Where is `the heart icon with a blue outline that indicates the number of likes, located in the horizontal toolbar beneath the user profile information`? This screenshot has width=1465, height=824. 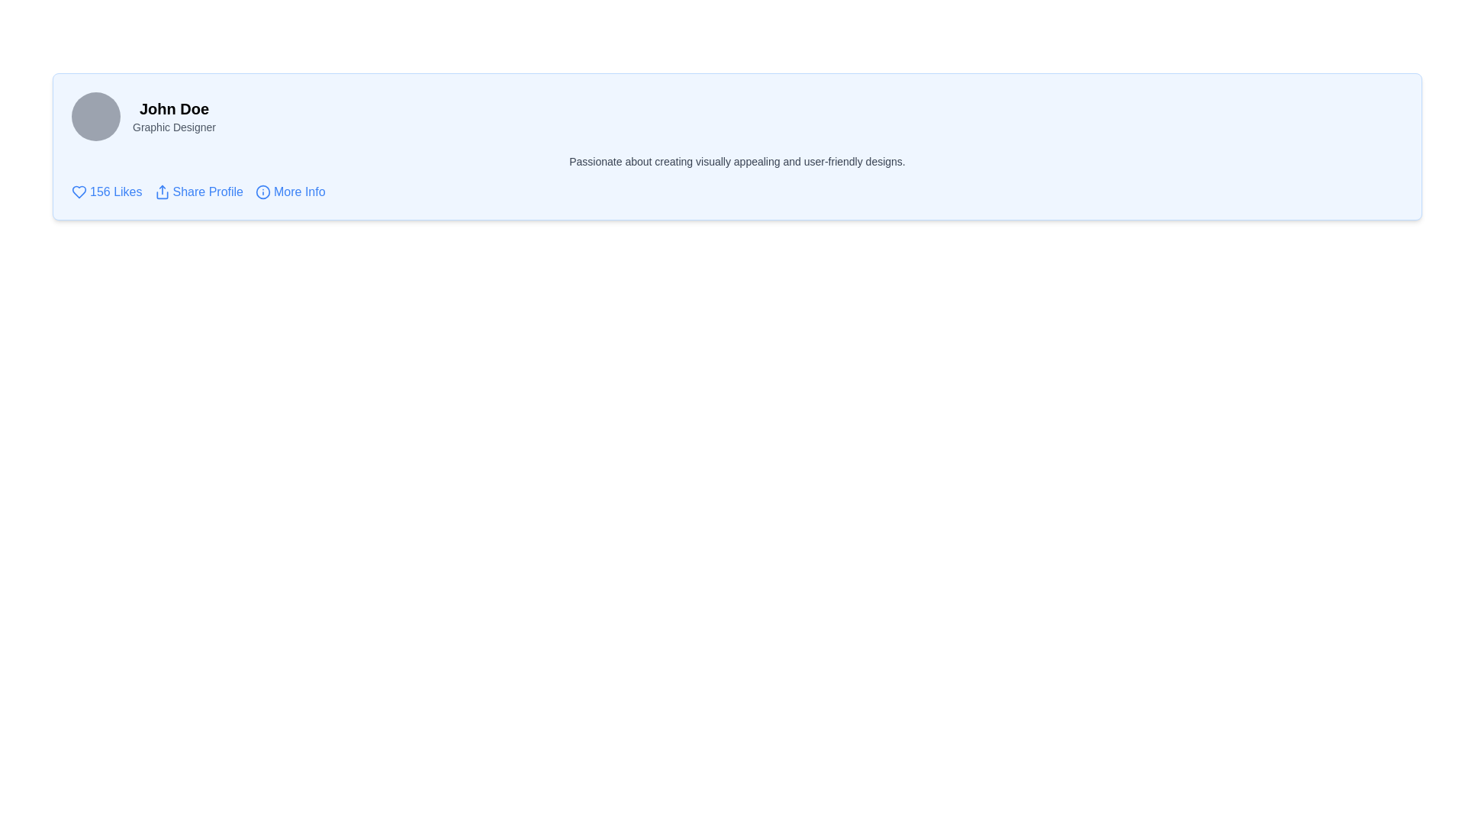 the heart icon with a blue outline that indicates the number of likes, located in the horizontal toolbar beneath the user profile information is located at coordinates (79, 190).